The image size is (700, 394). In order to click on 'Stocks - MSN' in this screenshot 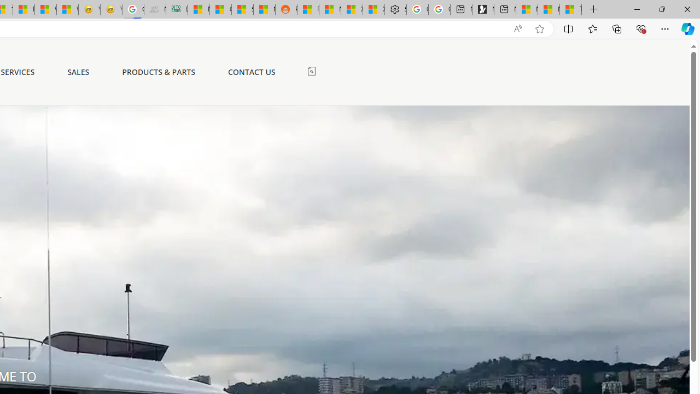, I will do `click(242, 9)`.